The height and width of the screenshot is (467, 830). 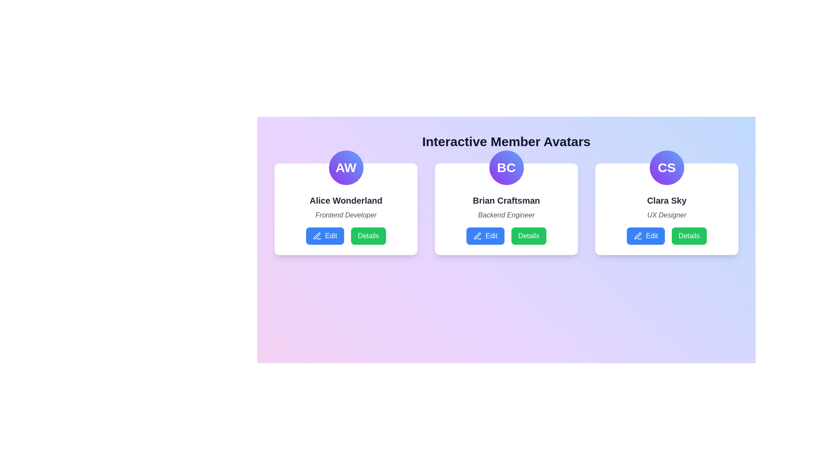 I want to click on the 'Edit' icon within the SVG graphic of the middle card labeled 'Brian Craftsman', so click(x=477, y=236).